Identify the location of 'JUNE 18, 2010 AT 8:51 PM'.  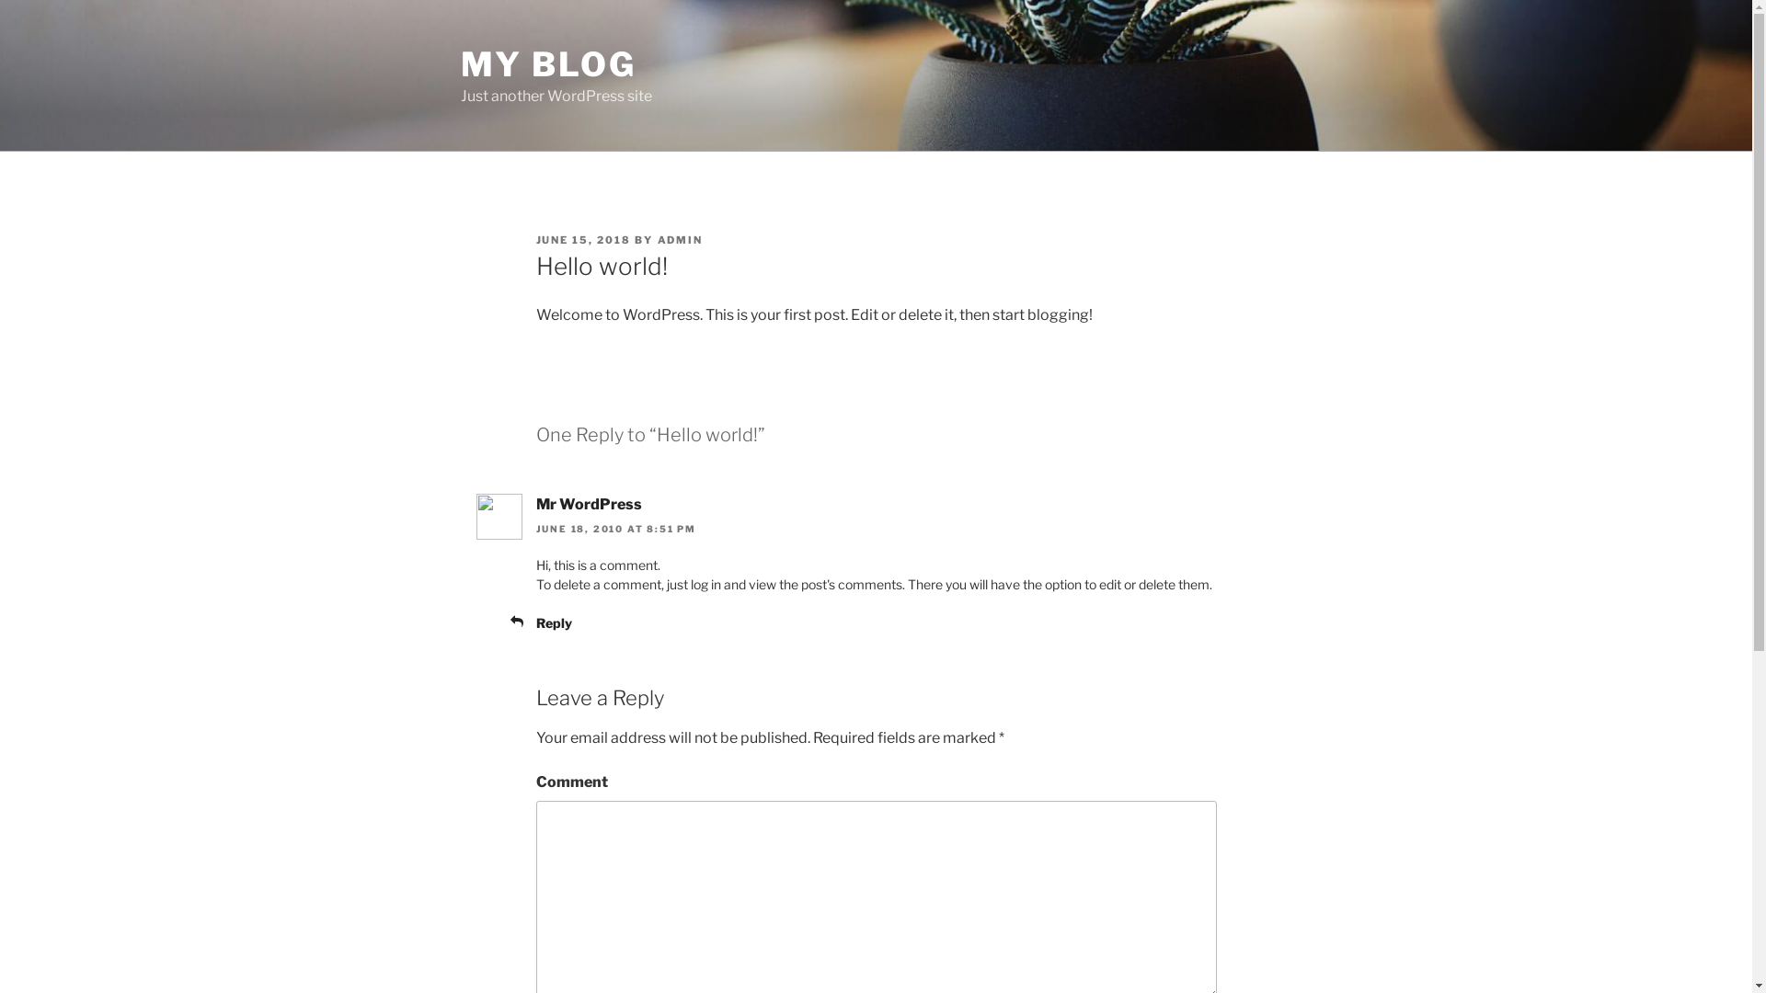
(615, 528).